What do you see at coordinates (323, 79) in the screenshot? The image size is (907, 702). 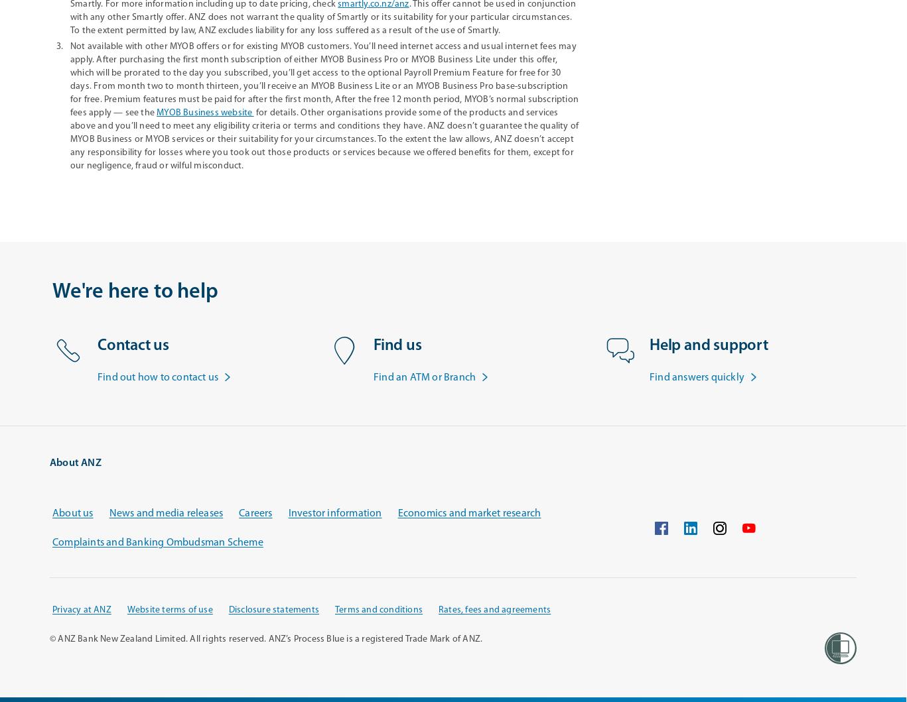 I see `'Not available with other MYOB offers or for existing MYOB customers. You’ll need internet access and usual internet fees may apply. After purchasing the first month subscription of either MYOB Business Pro or MYOB Business Lite under this offer, which will be prorated to the day you subscribed, you’ll get access to the optional Payroll Premium Feature for free for 30 days. From month two to month thirteen, you’ll receive an MYOB Business Lite or an MYOB Business Pro base-subscription for free. Premium features must be paid for after the first month, After the free 12 month period, MYOB’s normal subscription fees apply — see the'` at bounding box center [323, 79].